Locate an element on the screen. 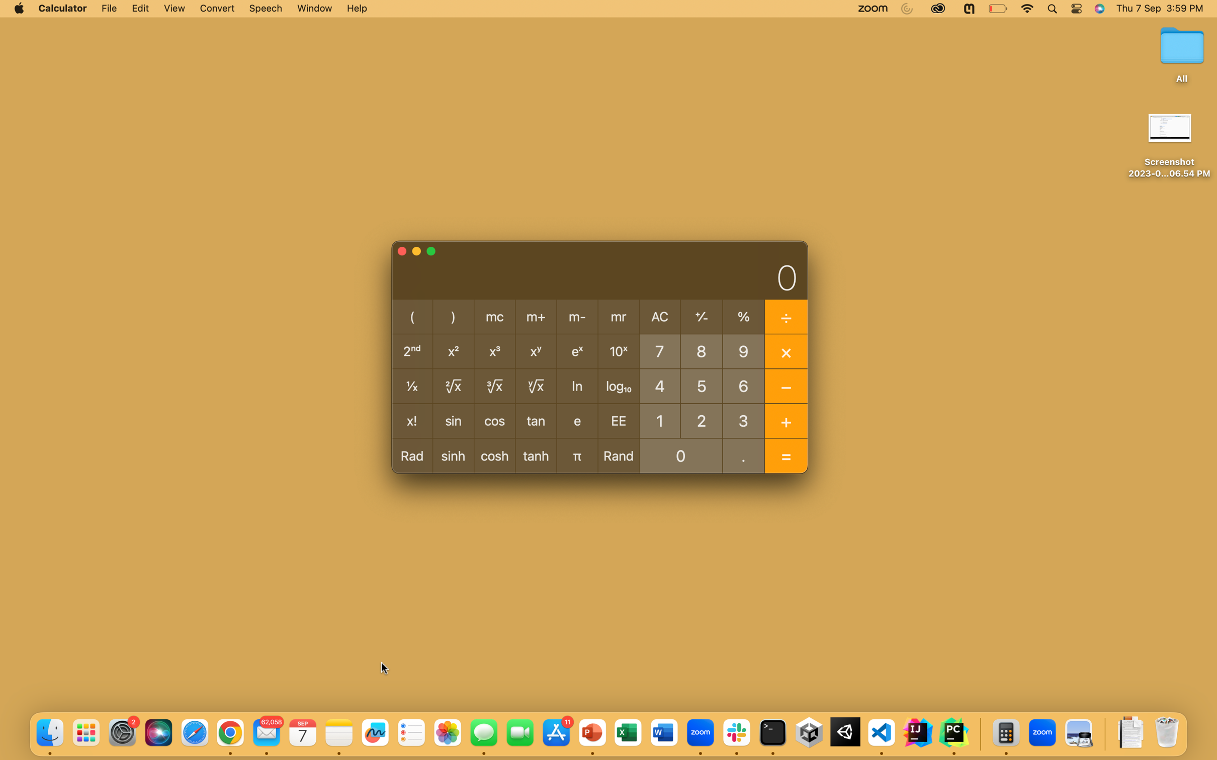 This screenshot has height=760, width=1217. Determine the square root of the number 64 is located at coordinates (743, 386).